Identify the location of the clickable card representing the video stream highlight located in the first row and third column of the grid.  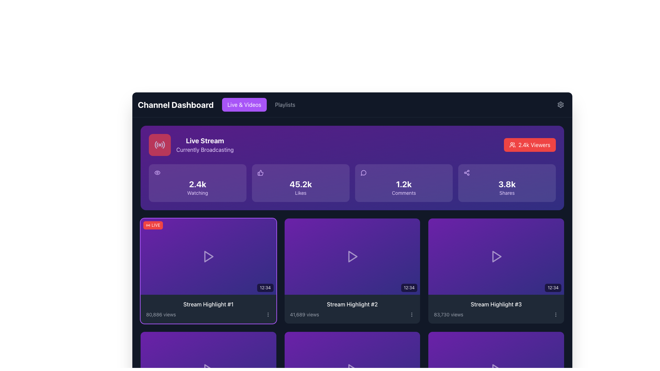
(496, 271).